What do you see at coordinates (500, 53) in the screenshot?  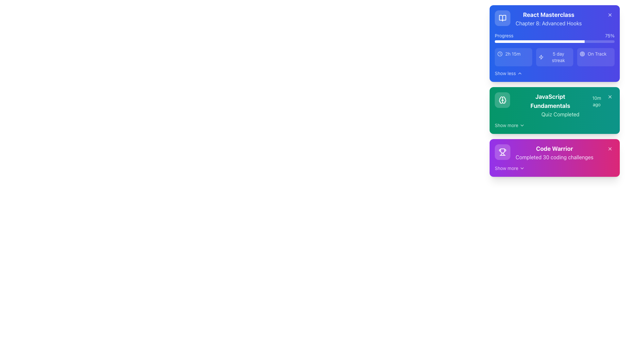 I see `the clock icon styled with a circular outline and white strokes, which is the first item in the horizontal group inside the blue card titled 'React Masterclass'` at bounding box center [500, 53].